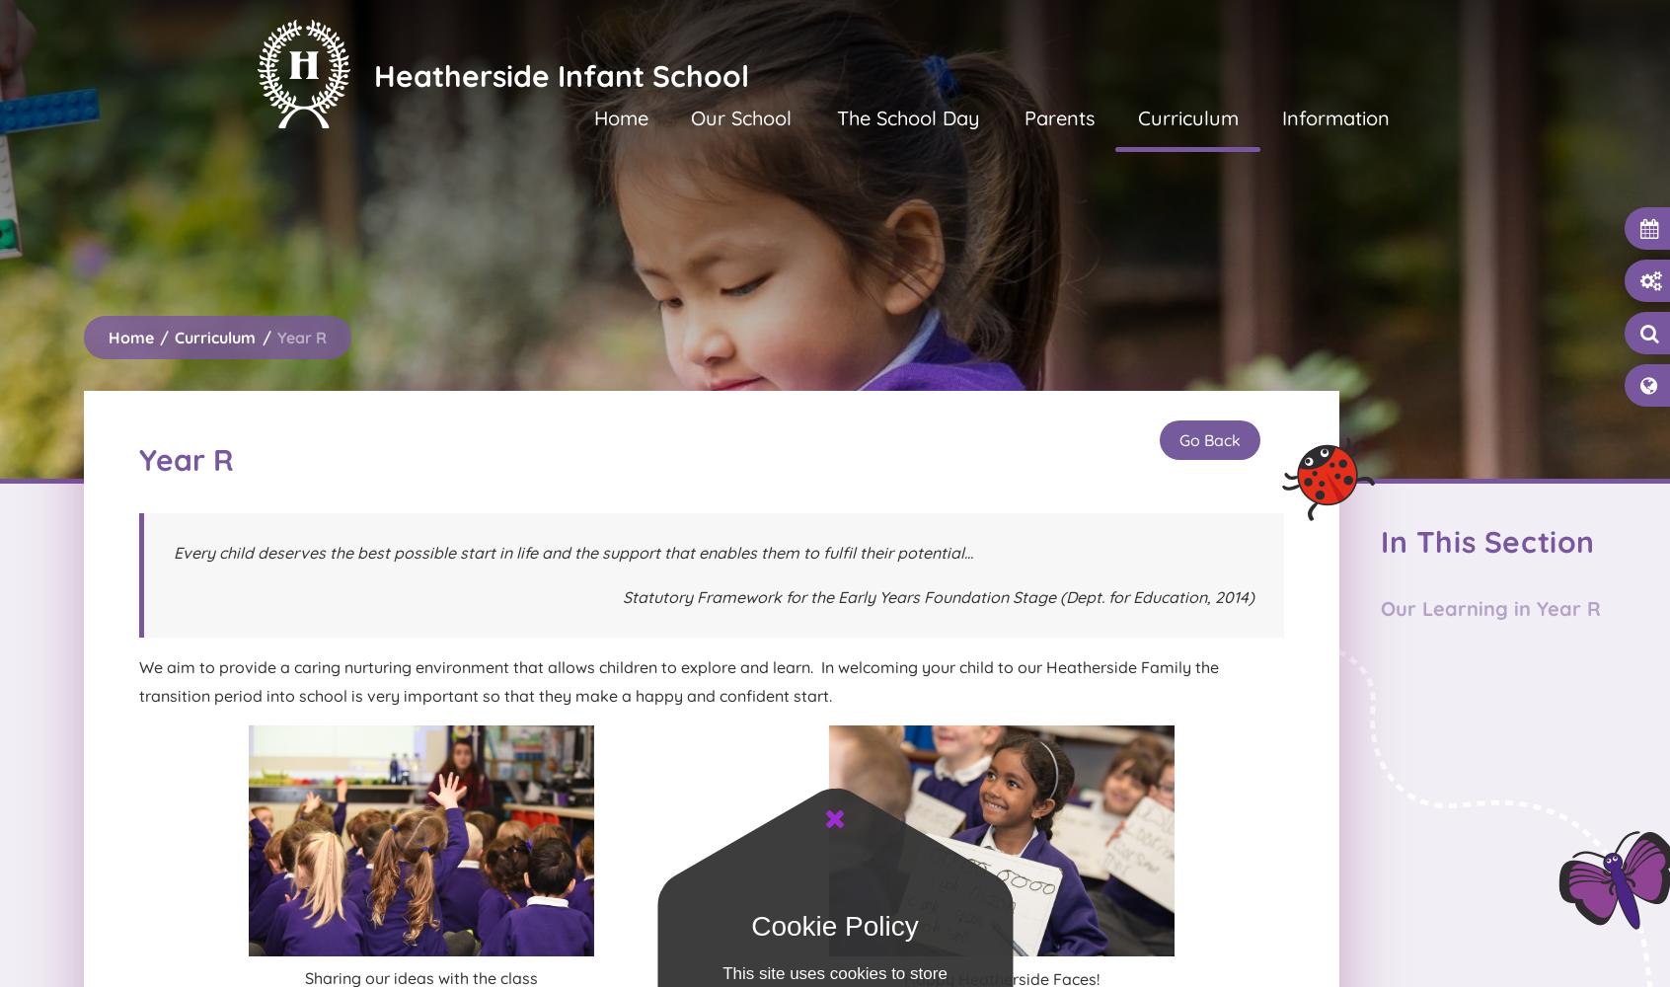  What do you see at coordinates (561, 75) in the screenshot?
I see `'Heatherside Infant School'` at bounding box center [561, 75].